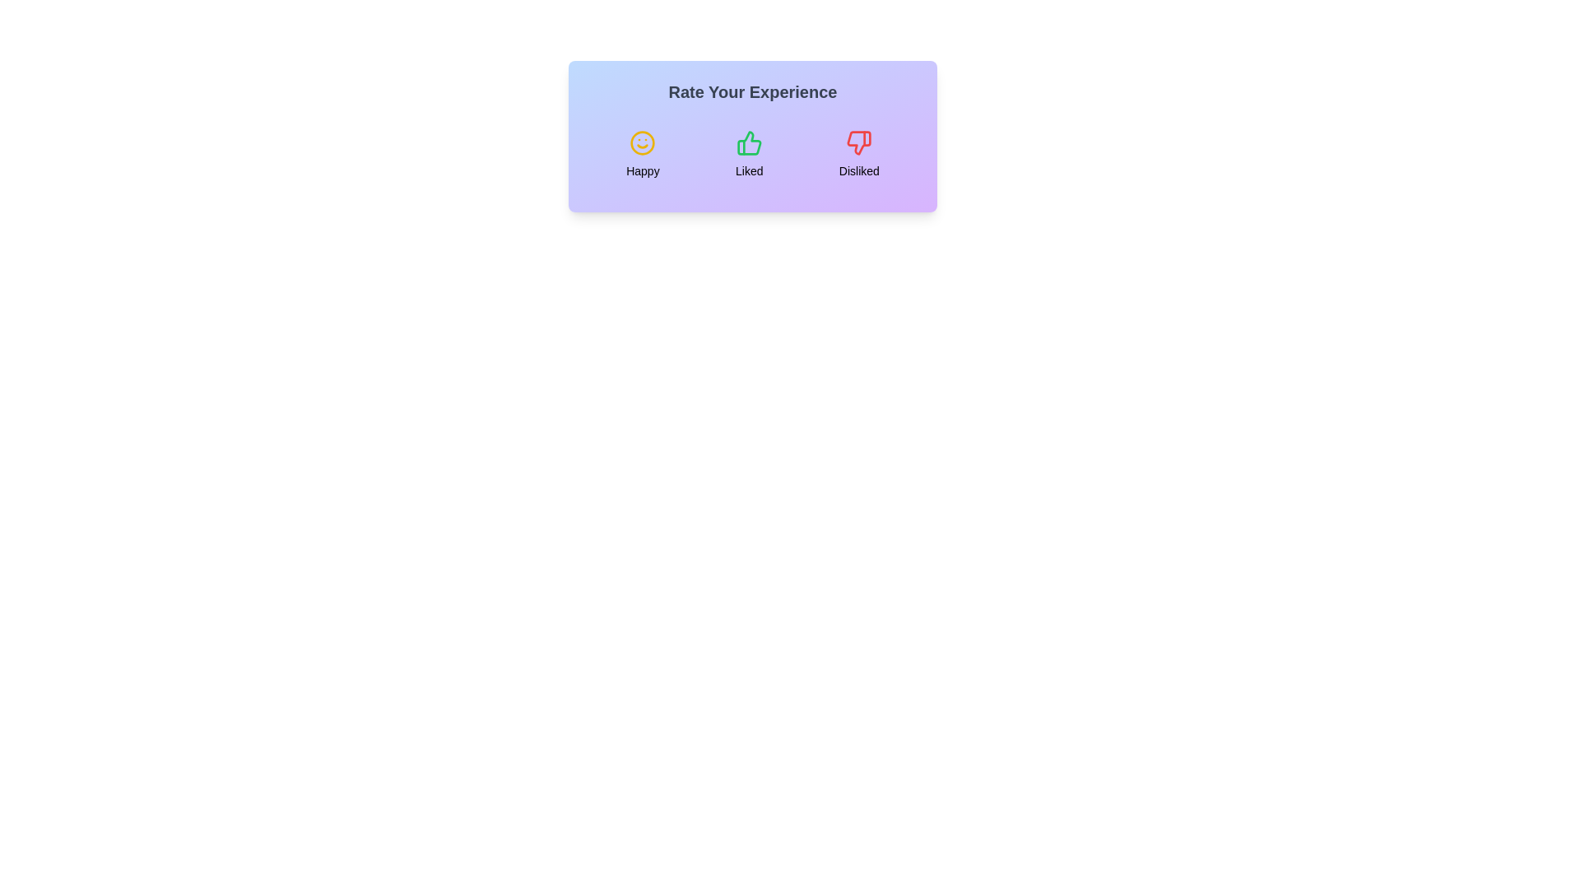 The image size is (1580, 889). Describe the element at coordinates (748, 155) in the screenshot. I see `the second interactive button in a set of three to register a 'liked' response` at that location.